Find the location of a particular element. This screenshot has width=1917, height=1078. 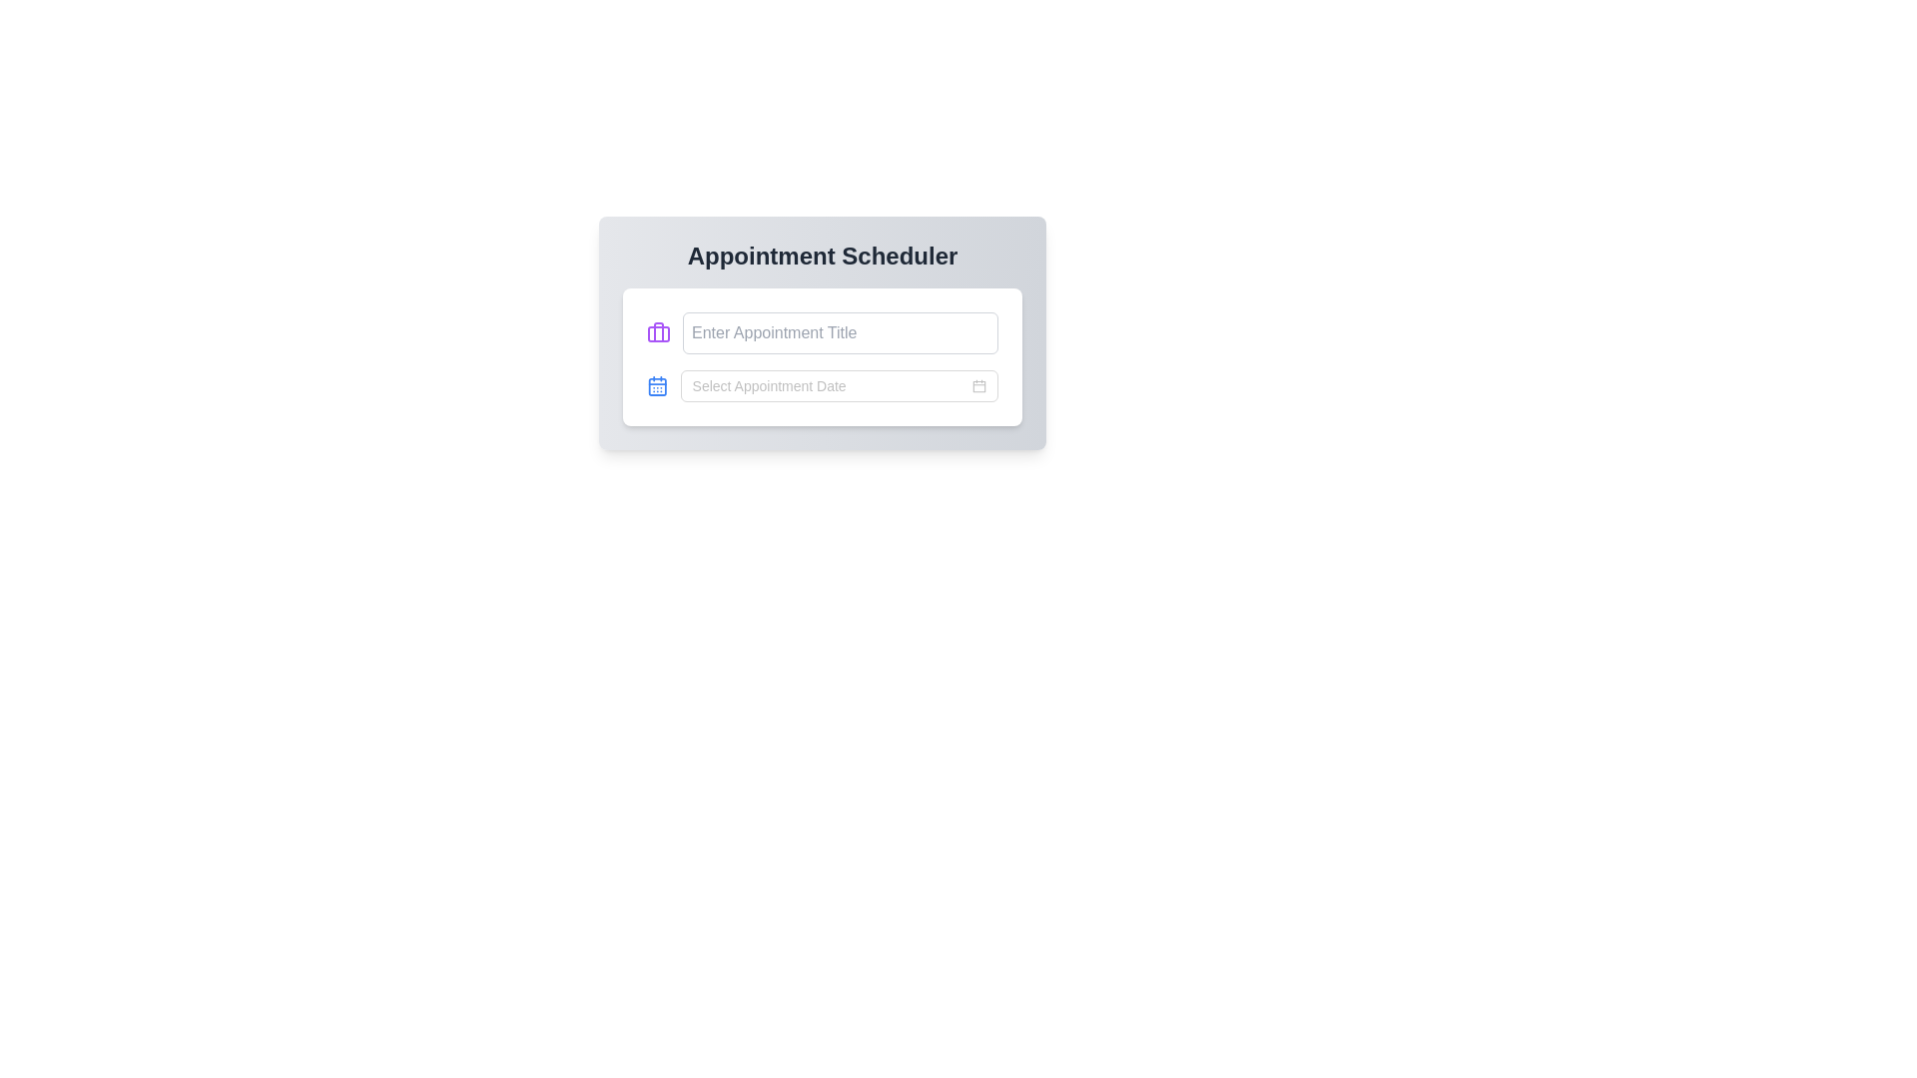

the purple briefcase icon located to the left of the appointment title text input field is located at coordinates (659, 332).